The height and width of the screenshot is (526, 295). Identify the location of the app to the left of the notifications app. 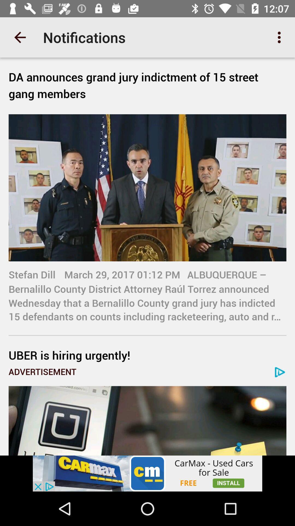
(20, 37).